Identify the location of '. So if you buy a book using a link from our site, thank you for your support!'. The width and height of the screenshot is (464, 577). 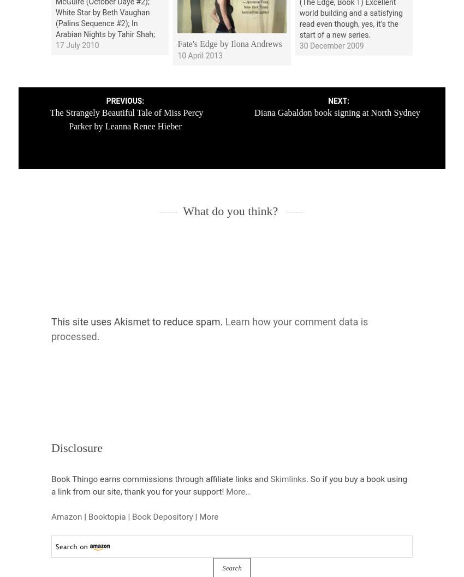
(229, 484).